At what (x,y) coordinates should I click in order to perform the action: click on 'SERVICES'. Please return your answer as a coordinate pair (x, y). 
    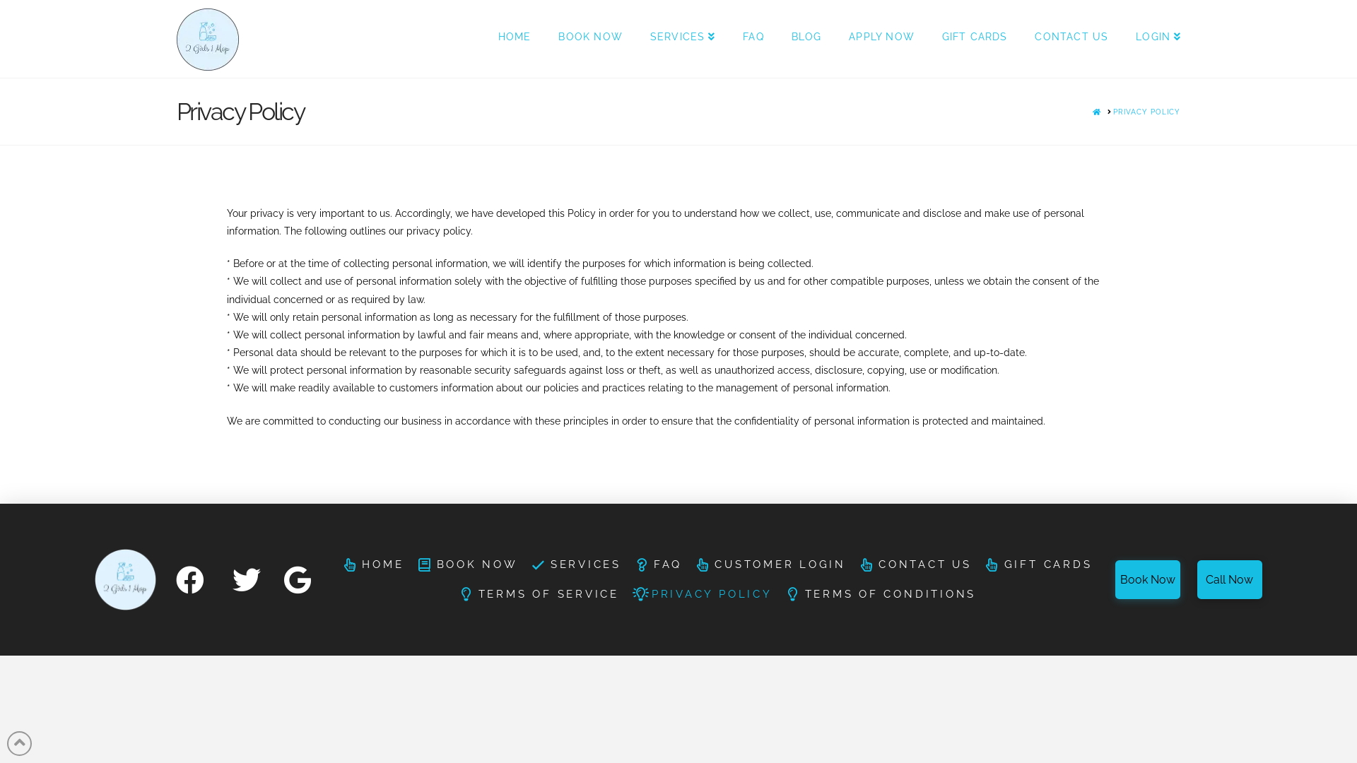
    Looking at the image, I should click on (682, 37).